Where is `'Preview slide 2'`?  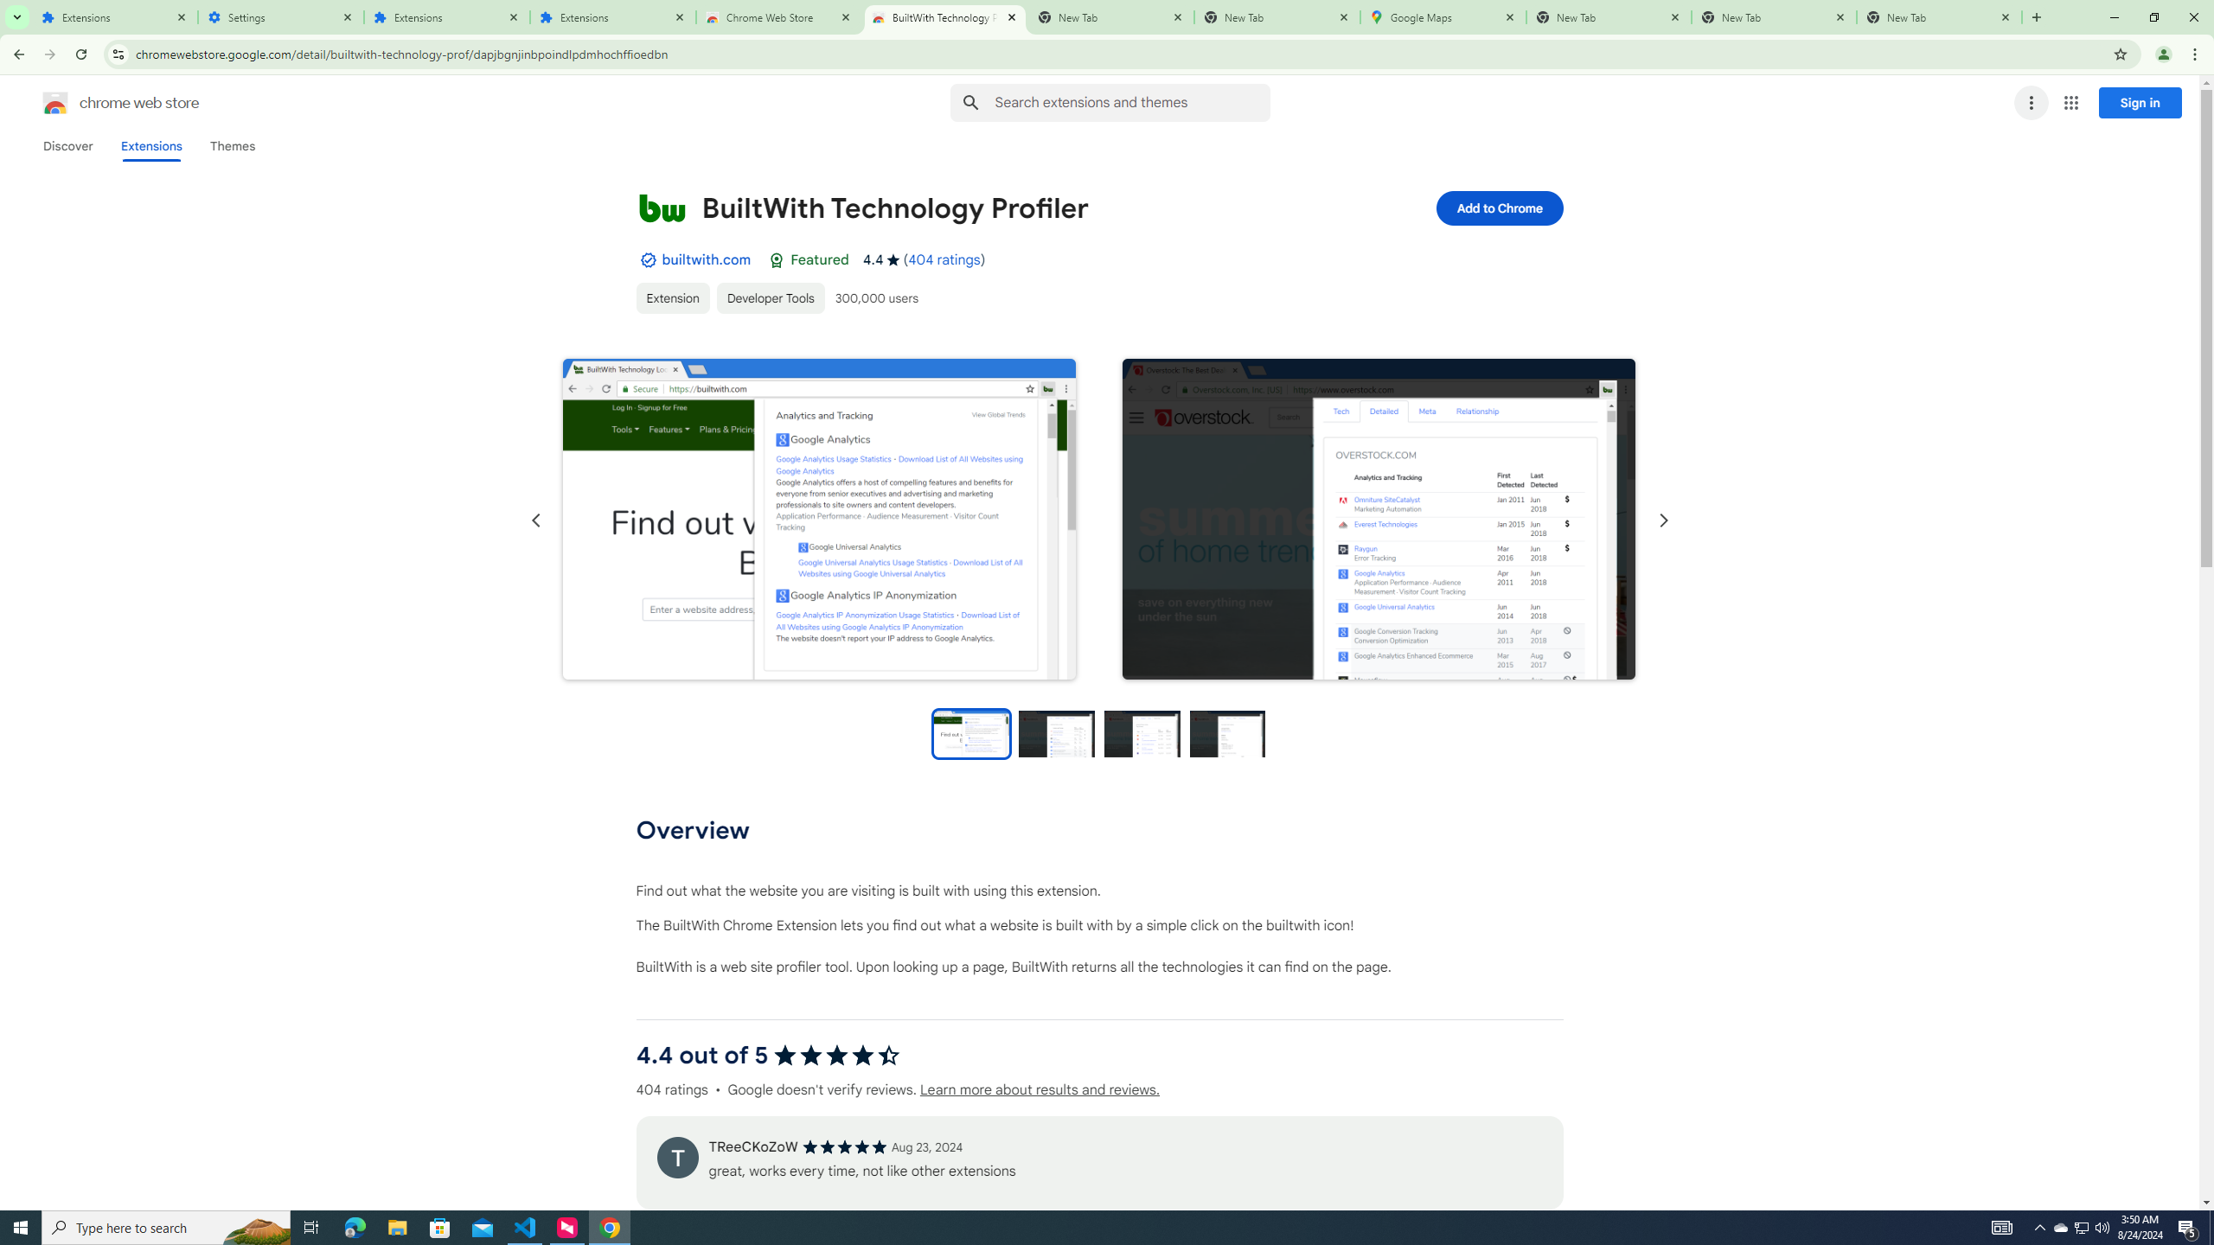
'Preview slide 2' is located at coordinates (1057, 732).